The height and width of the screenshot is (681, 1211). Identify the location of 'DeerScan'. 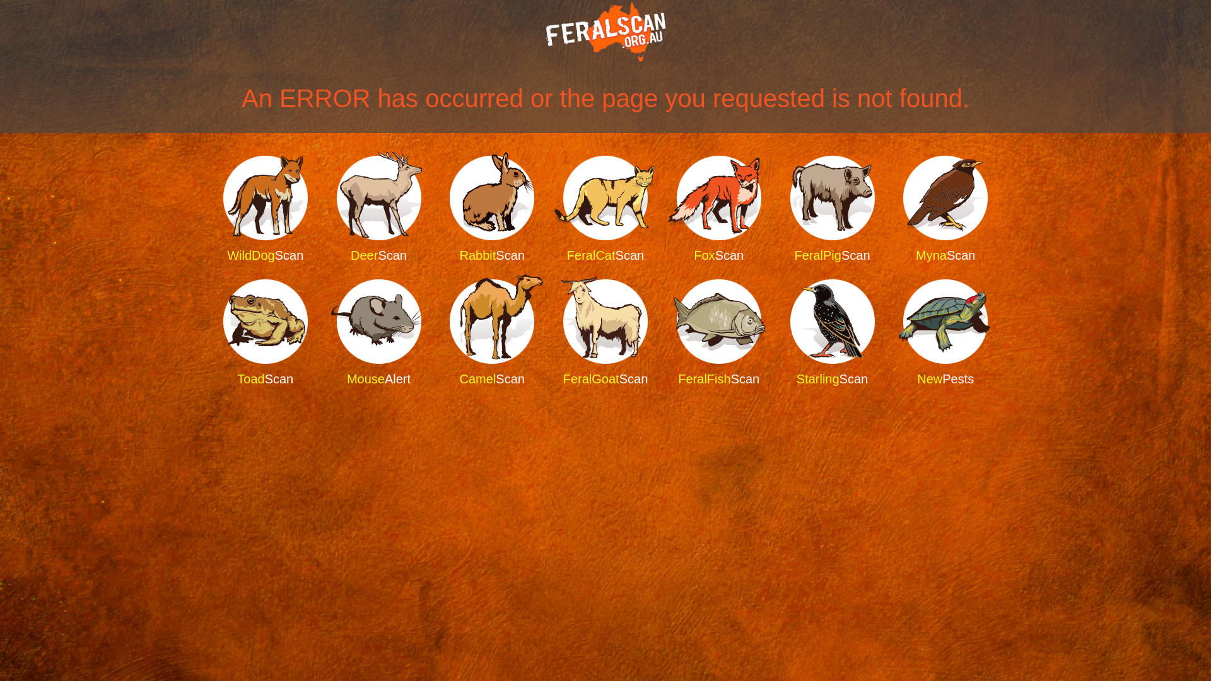
(378, 209).